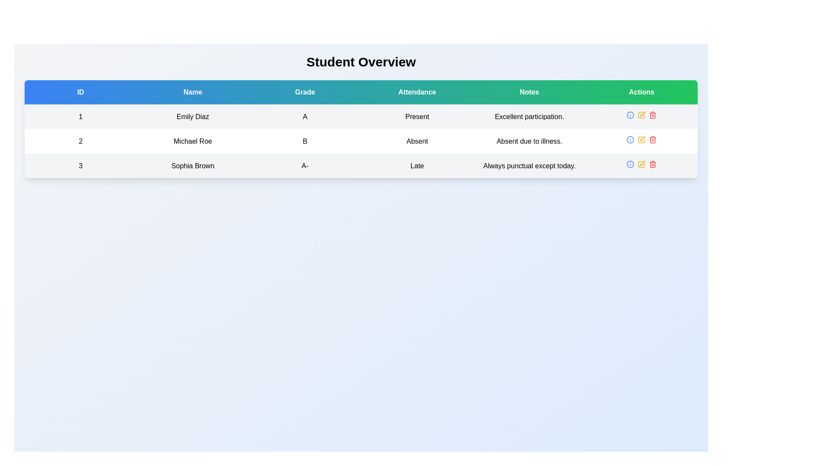 Image resolution: width=829 pixels, height=466 pixels. What do you see at coordinates (630, 164) in the screenshot?
I see `the decorative icon located in the 'Actions' column at the second row of the table` at bounding box center [630, 164].